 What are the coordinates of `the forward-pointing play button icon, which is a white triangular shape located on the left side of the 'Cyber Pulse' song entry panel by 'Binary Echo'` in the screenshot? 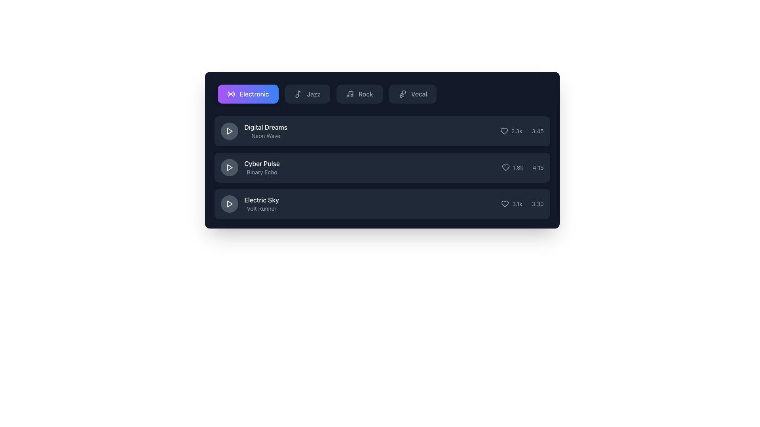 It's located at (229, 167).